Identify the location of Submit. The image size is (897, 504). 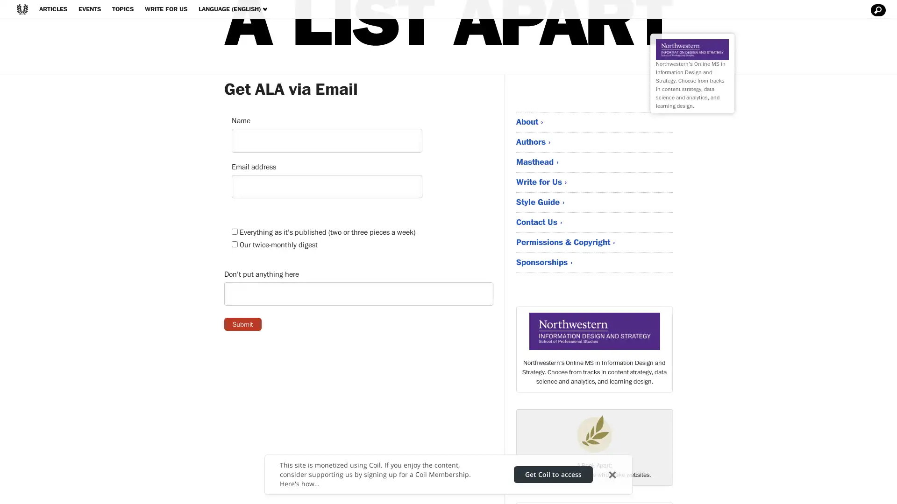
(242, 323).